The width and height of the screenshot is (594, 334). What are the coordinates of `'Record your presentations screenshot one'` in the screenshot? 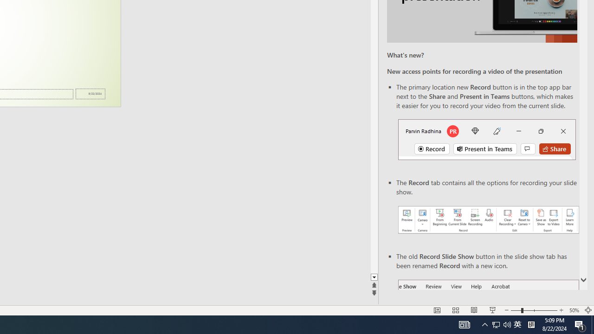 It's located at (488, 220).